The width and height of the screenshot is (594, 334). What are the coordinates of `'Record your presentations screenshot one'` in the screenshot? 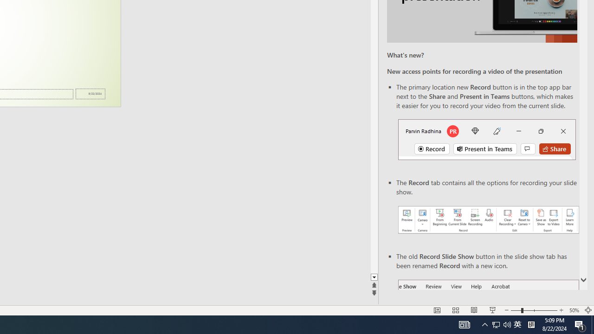 It's located at (488, 220).